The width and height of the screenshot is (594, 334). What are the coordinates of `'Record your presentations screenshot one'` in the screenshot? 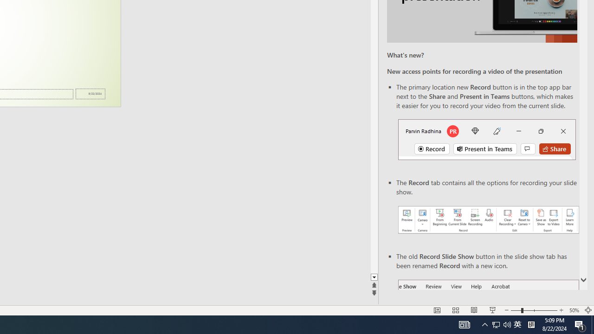 It's located at (488, 220).